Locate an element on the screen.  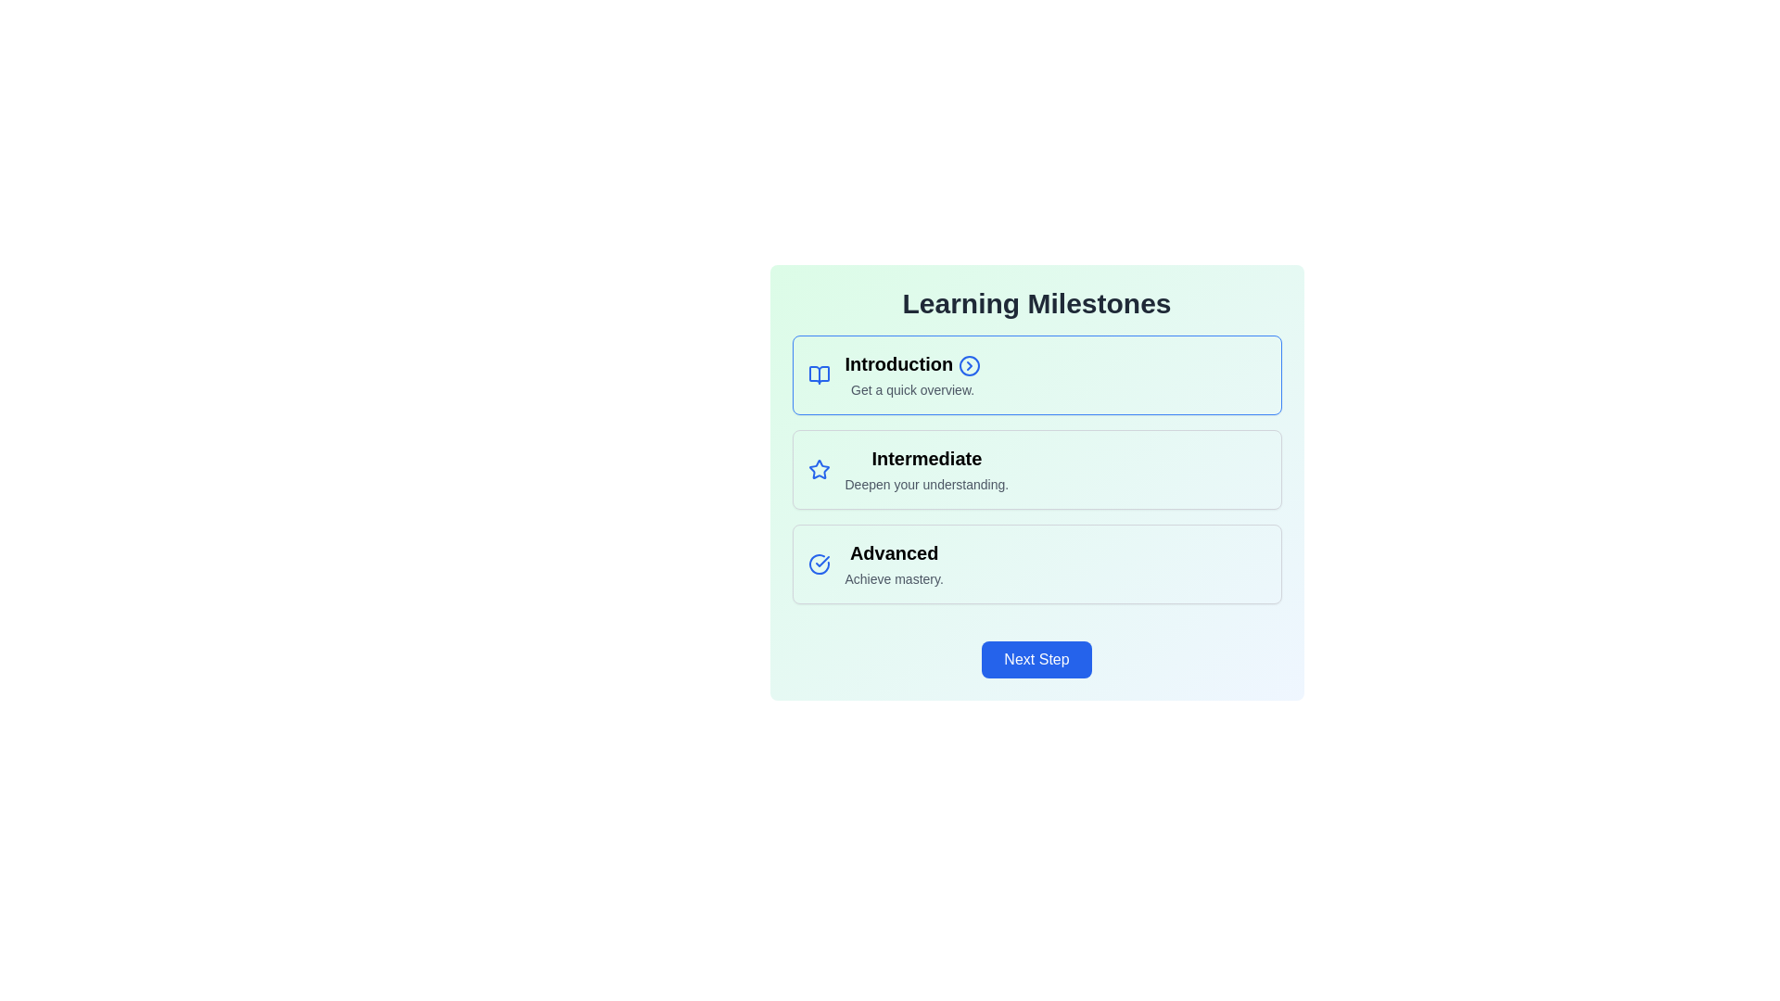
the circular icon with a right-pointing chevron inside it, which is outlined in blue and located to the right of the 'Introduction' text label is located at coordinates (968, 365).